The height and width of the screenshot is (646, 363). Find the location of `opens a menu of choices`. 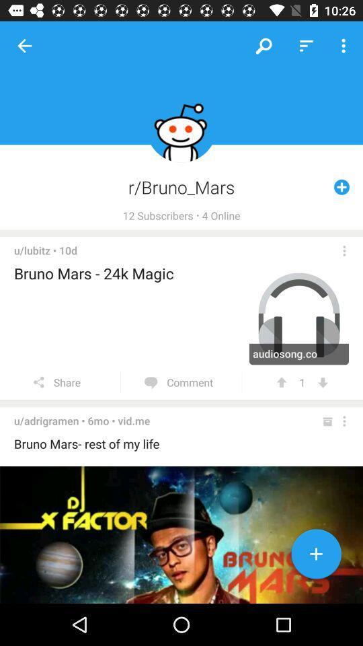

opens a menu of choices is located at coordinates (344, 250).